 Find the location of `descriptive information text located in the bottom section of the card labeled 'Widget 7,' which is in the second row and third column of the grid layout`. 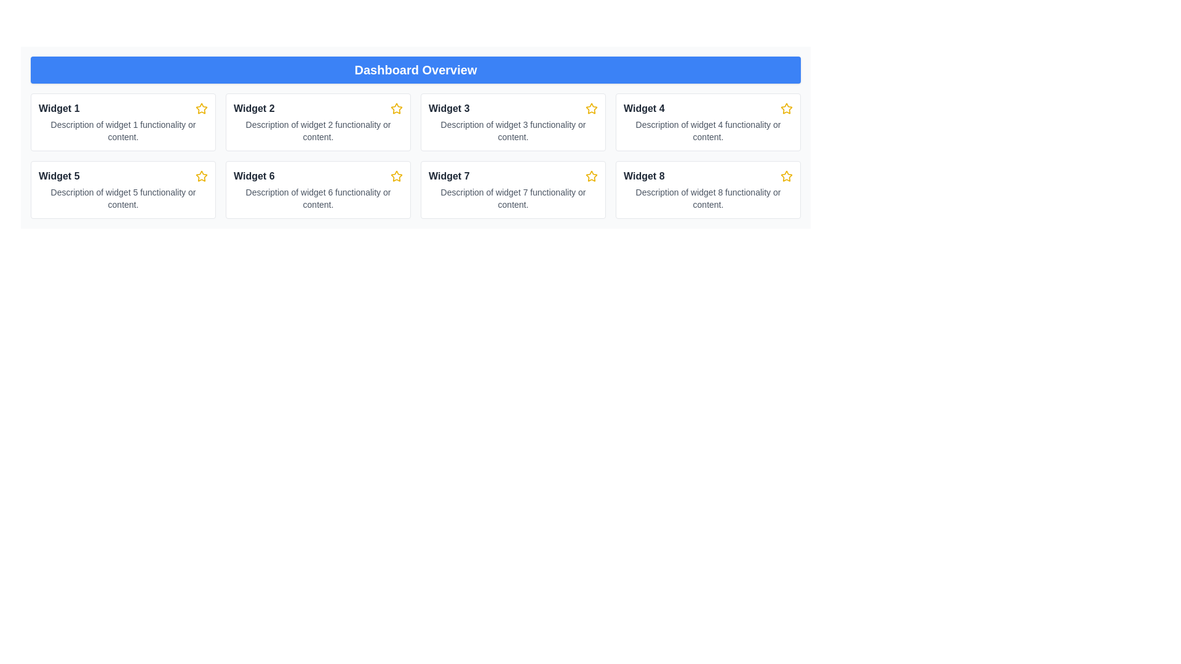

descriptive information text located in the bottom section of the card labeled 'Widget 7,' which is in the second row and third column of the grid layout is located at coordinates (513, 198).